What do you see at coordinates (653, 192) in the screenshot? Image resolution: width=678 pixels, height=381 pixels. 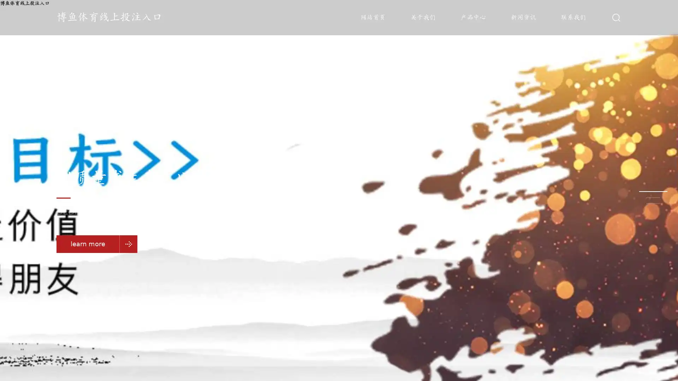 I see `Go to slide 1` at bounding box center [653, 192].